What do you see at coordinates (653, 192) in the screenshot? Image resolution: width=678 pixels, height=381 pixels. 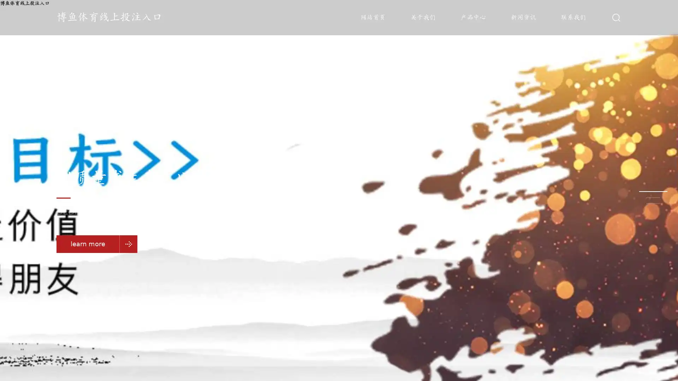 I see `Go to slide 1` at bounding box center [653, 192].